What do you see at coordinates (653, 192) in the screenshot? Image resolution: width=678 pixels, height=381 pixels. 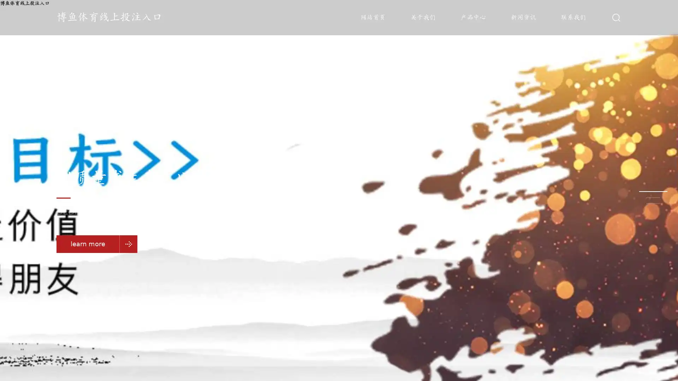 I see `Go to slide 1` at bounding box center [653, 192].